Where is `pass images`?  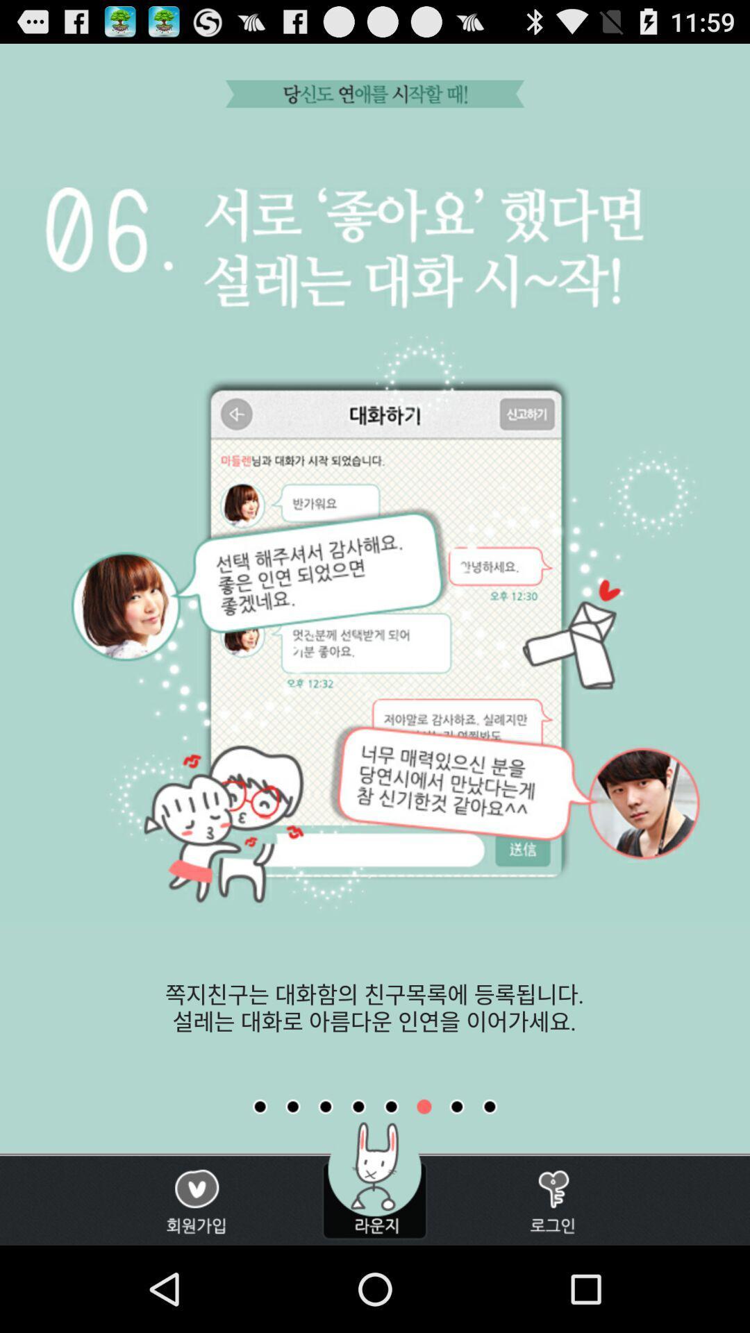
pass images is located at coordinates (292, 1106).